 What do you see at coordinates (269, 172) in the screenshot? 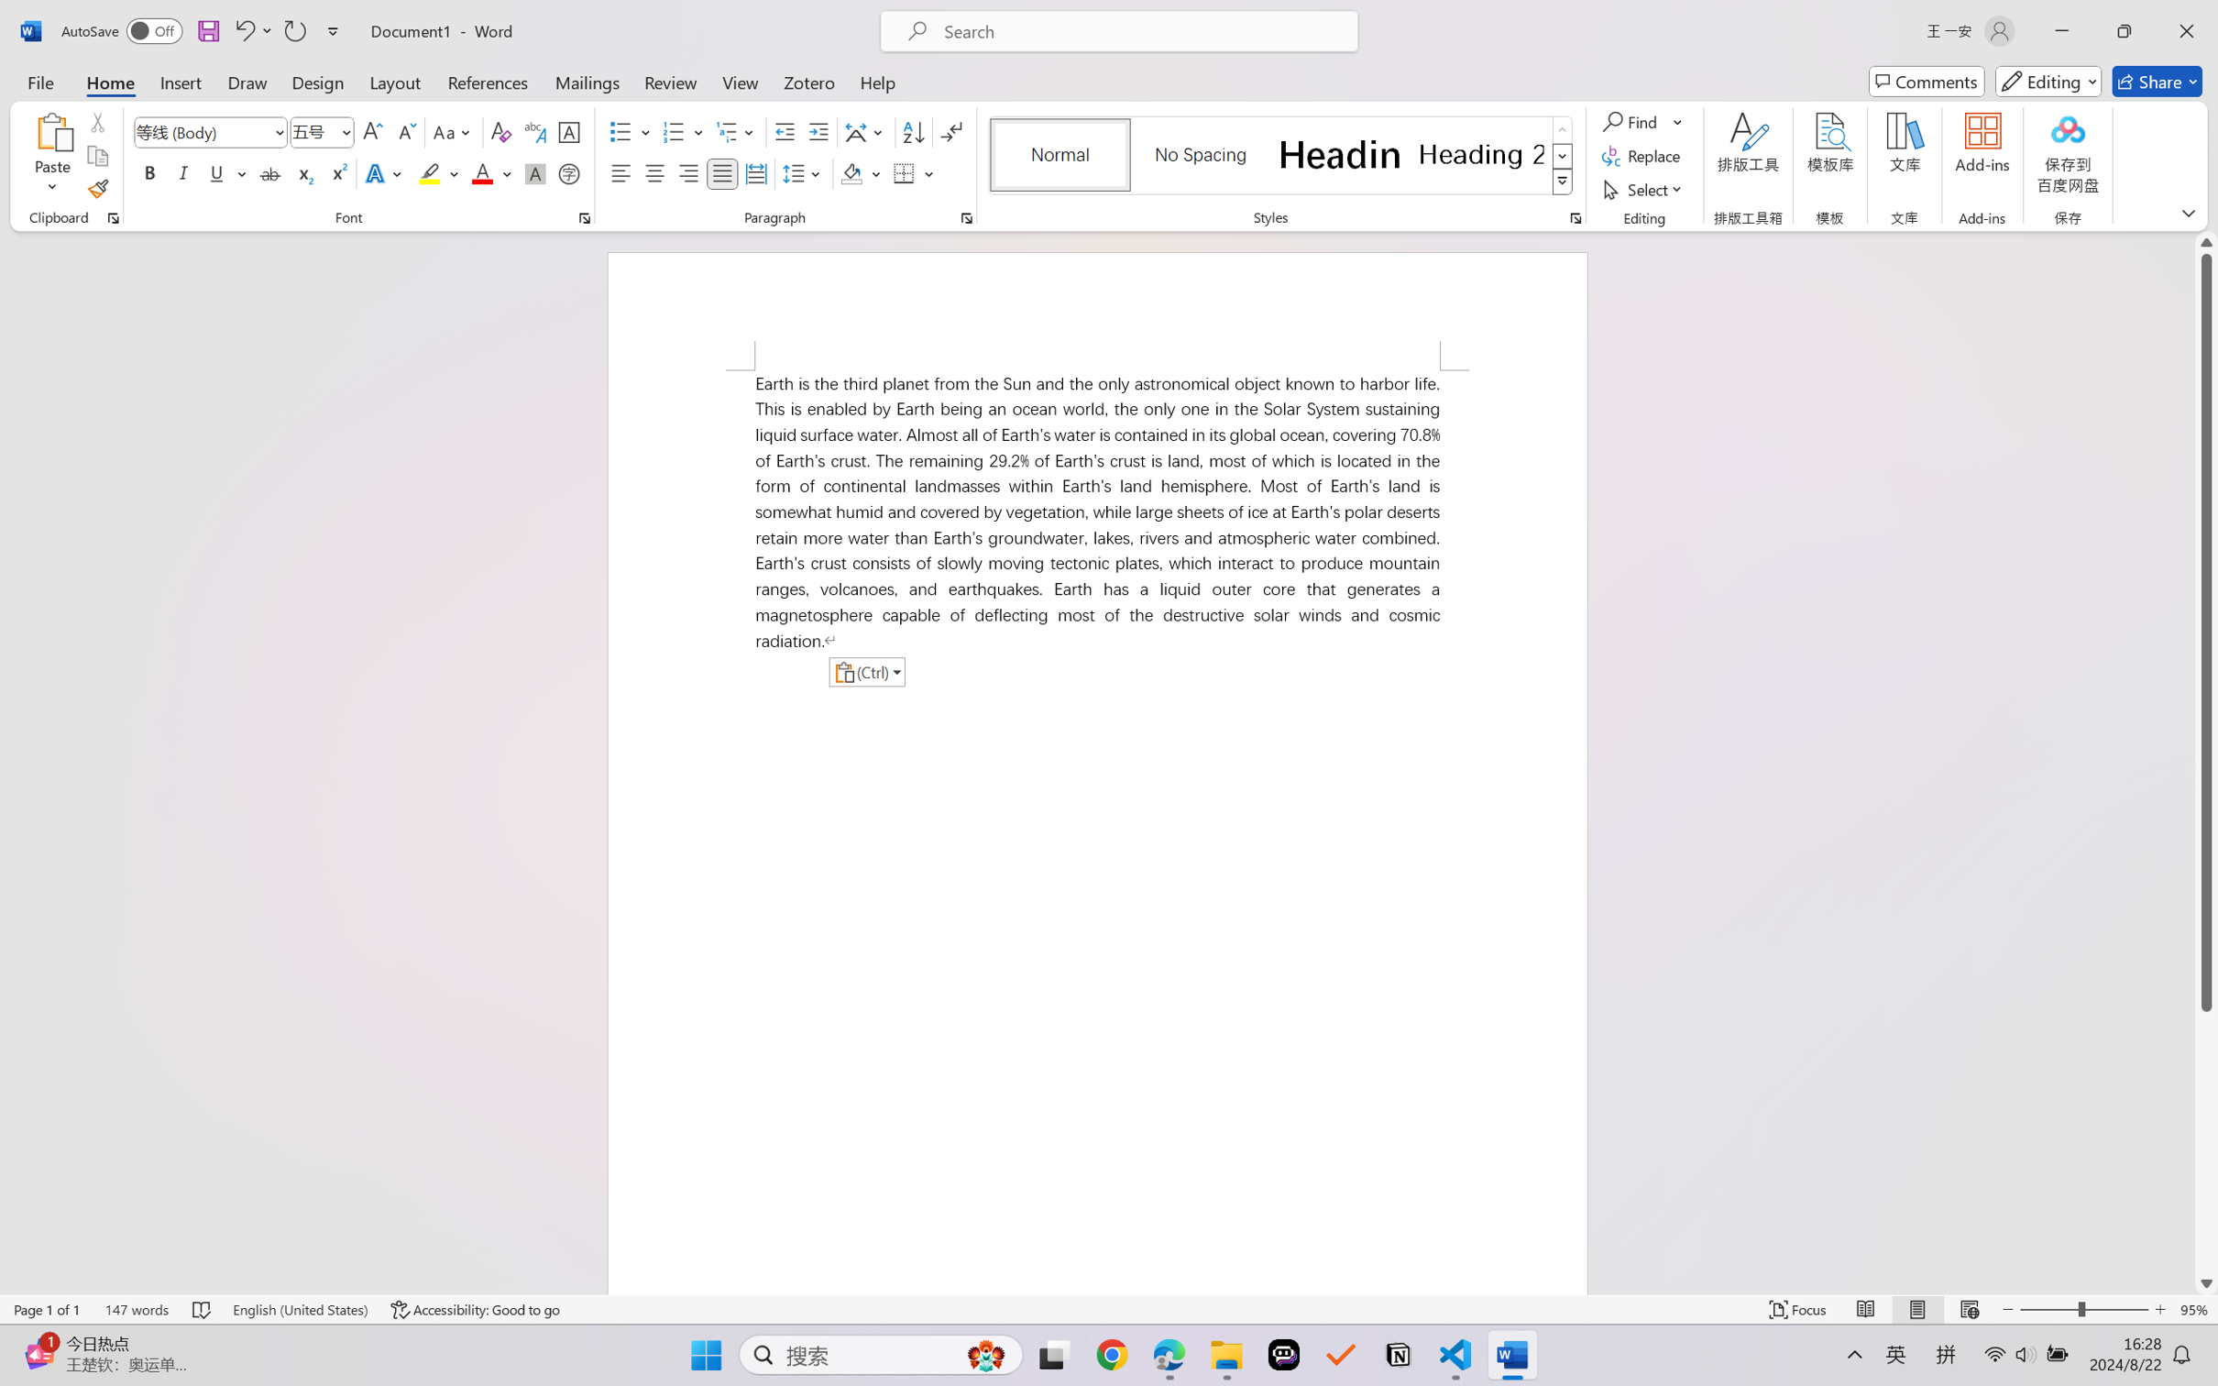
I see `'Strikethrough'` at bounding box center [269, 172].